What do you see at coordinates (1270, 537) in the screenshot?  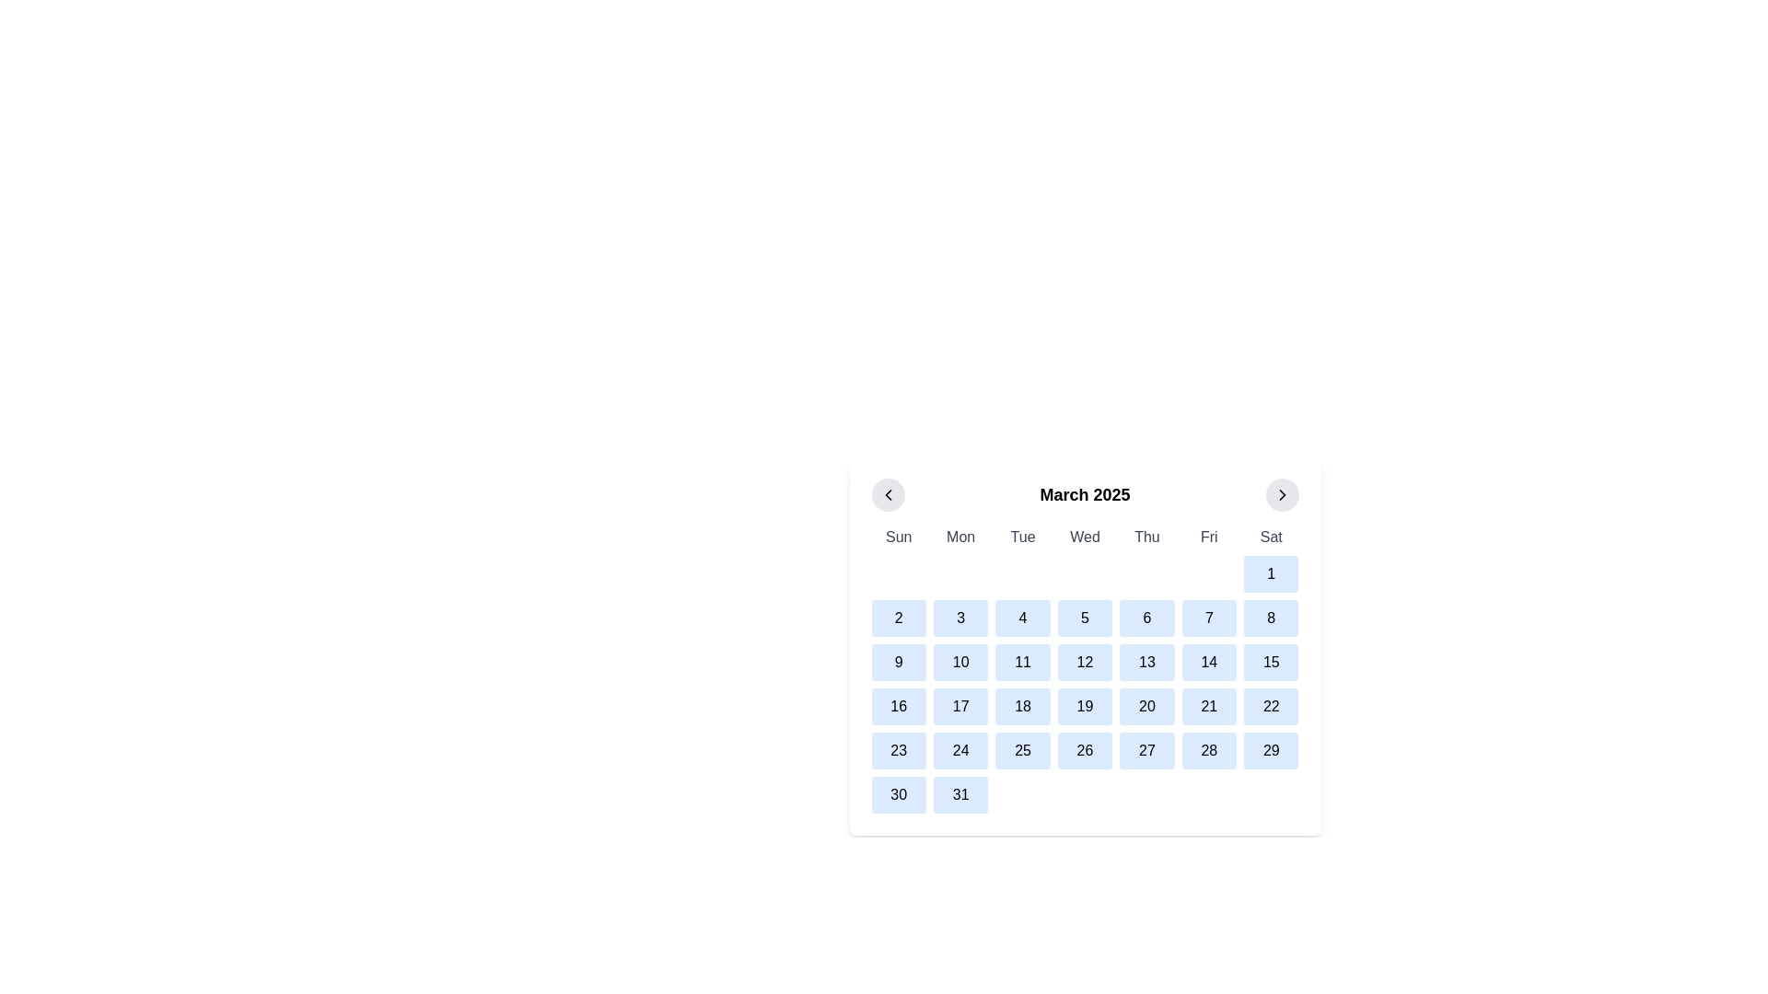 I see `the text element labeled 'Sat', which is the seventh element in a horizontal row representing days of the week` at bounding box center [1270, 537].